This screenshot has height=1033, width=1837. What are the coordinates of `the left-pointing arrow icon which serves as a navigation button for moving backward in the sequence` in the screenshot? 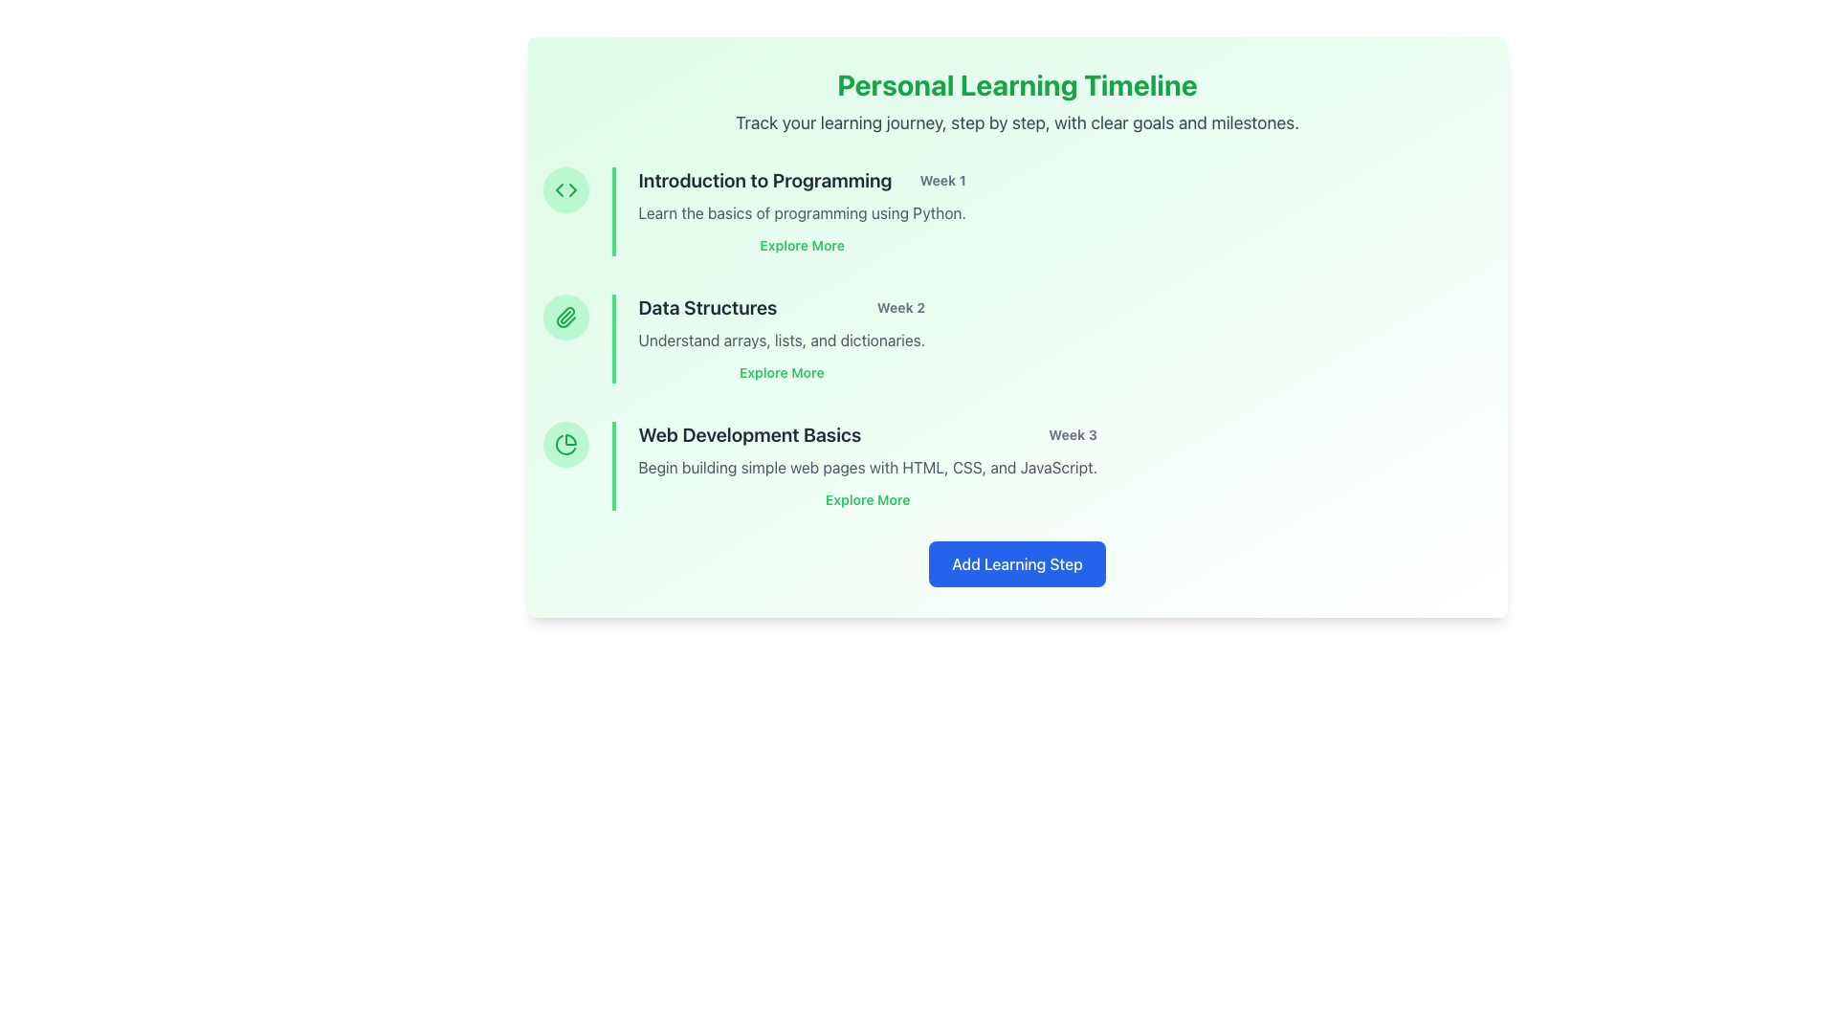 It's located at (558, 190).